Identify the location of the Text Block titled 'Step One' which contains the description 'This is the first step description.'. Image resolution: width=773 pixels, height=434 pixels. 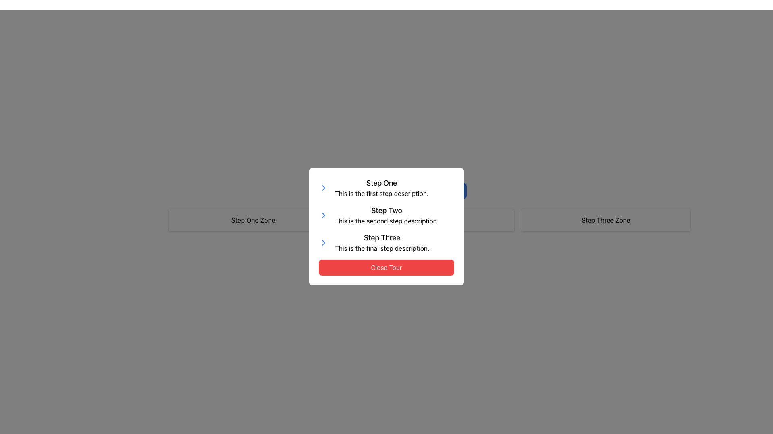
(381, 188).